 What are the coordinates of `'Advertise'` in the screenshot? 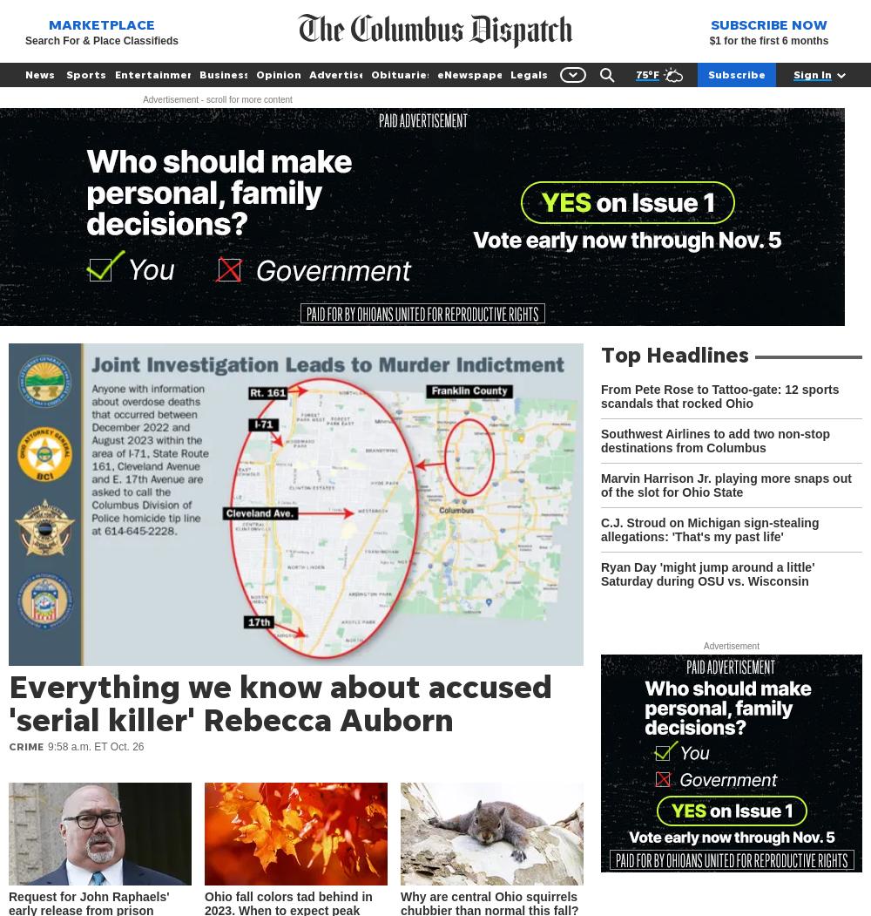 It's located at (337, 74).